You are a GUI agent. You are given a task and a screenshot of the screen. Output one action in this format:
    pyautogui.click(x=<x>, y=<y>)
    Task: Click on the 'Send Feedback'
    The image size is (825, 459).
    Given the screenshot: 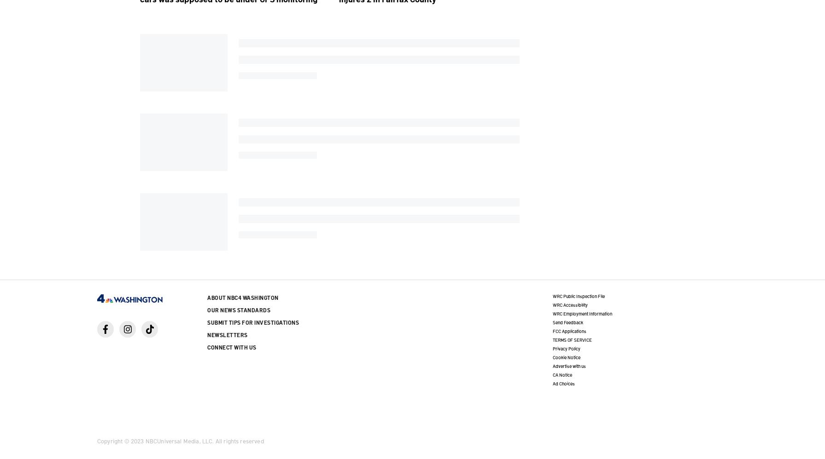 What is the action you would take?
    pyautogui.click(x=567, y=321)
    